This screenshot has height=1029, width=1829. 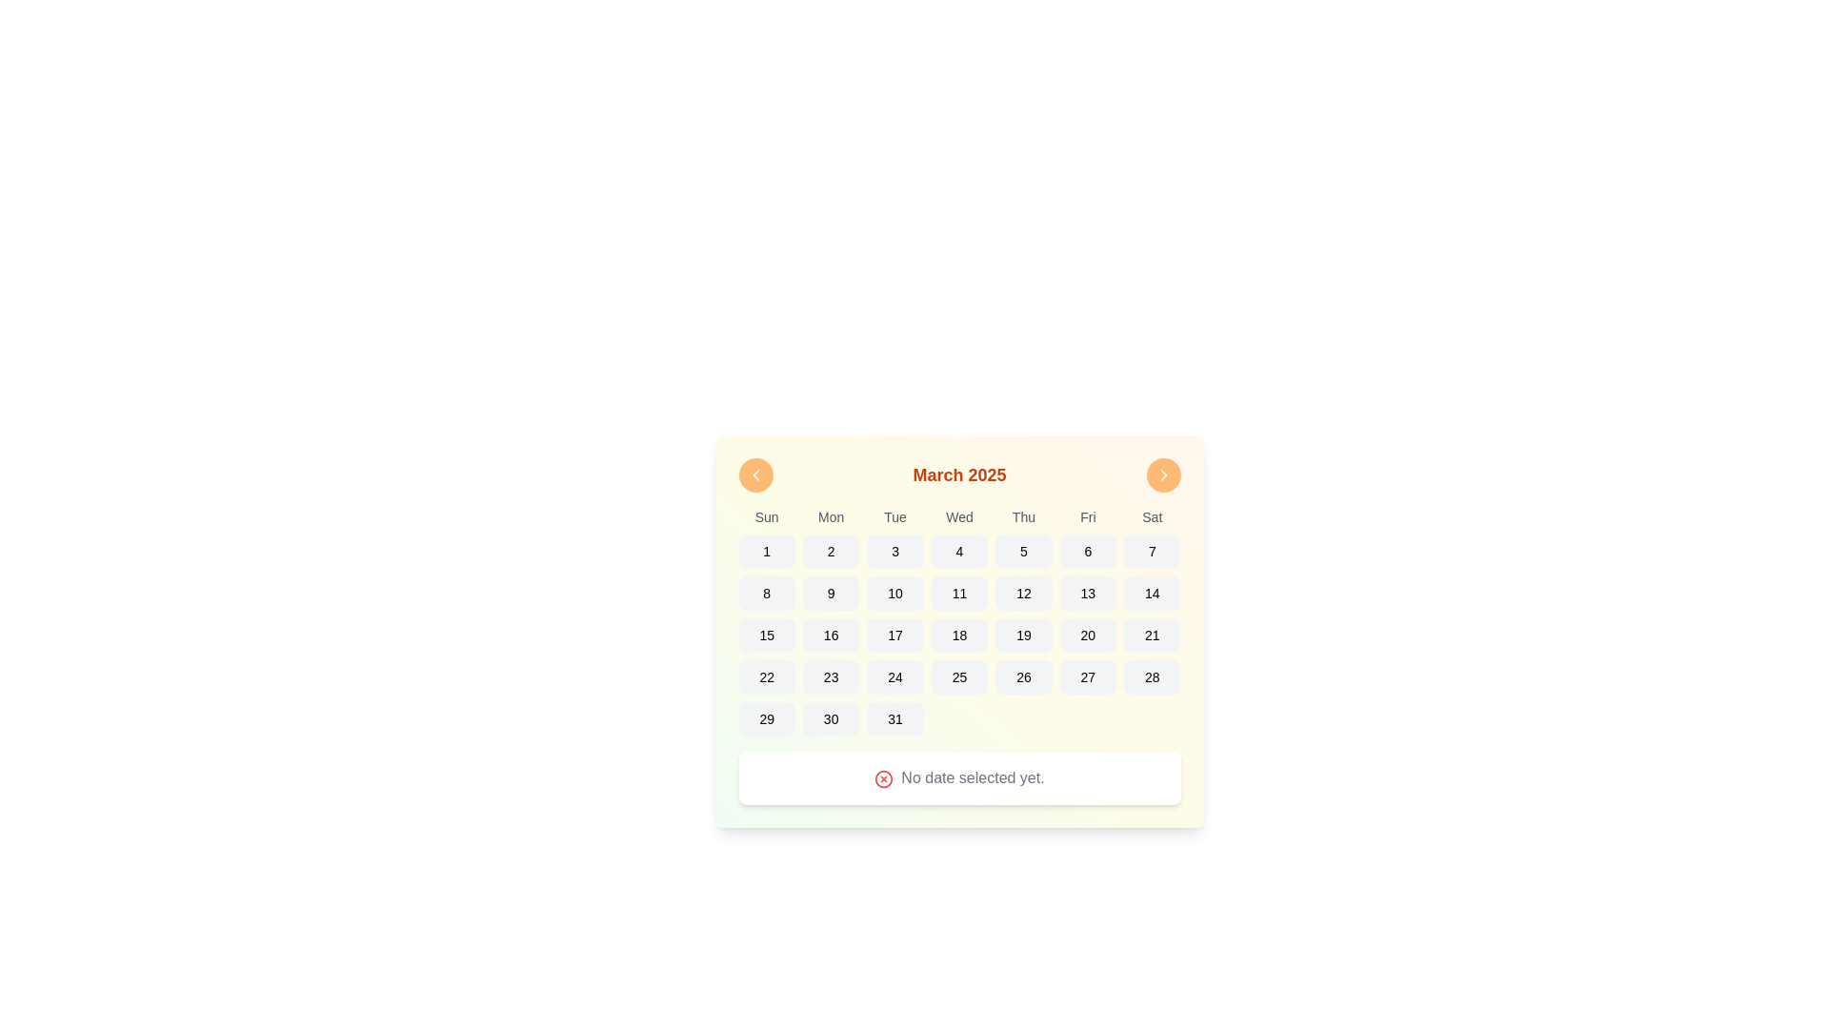 I want to click on the selectable date '9' button in the calendar interface to change its background color, so click(x=831, y=593).